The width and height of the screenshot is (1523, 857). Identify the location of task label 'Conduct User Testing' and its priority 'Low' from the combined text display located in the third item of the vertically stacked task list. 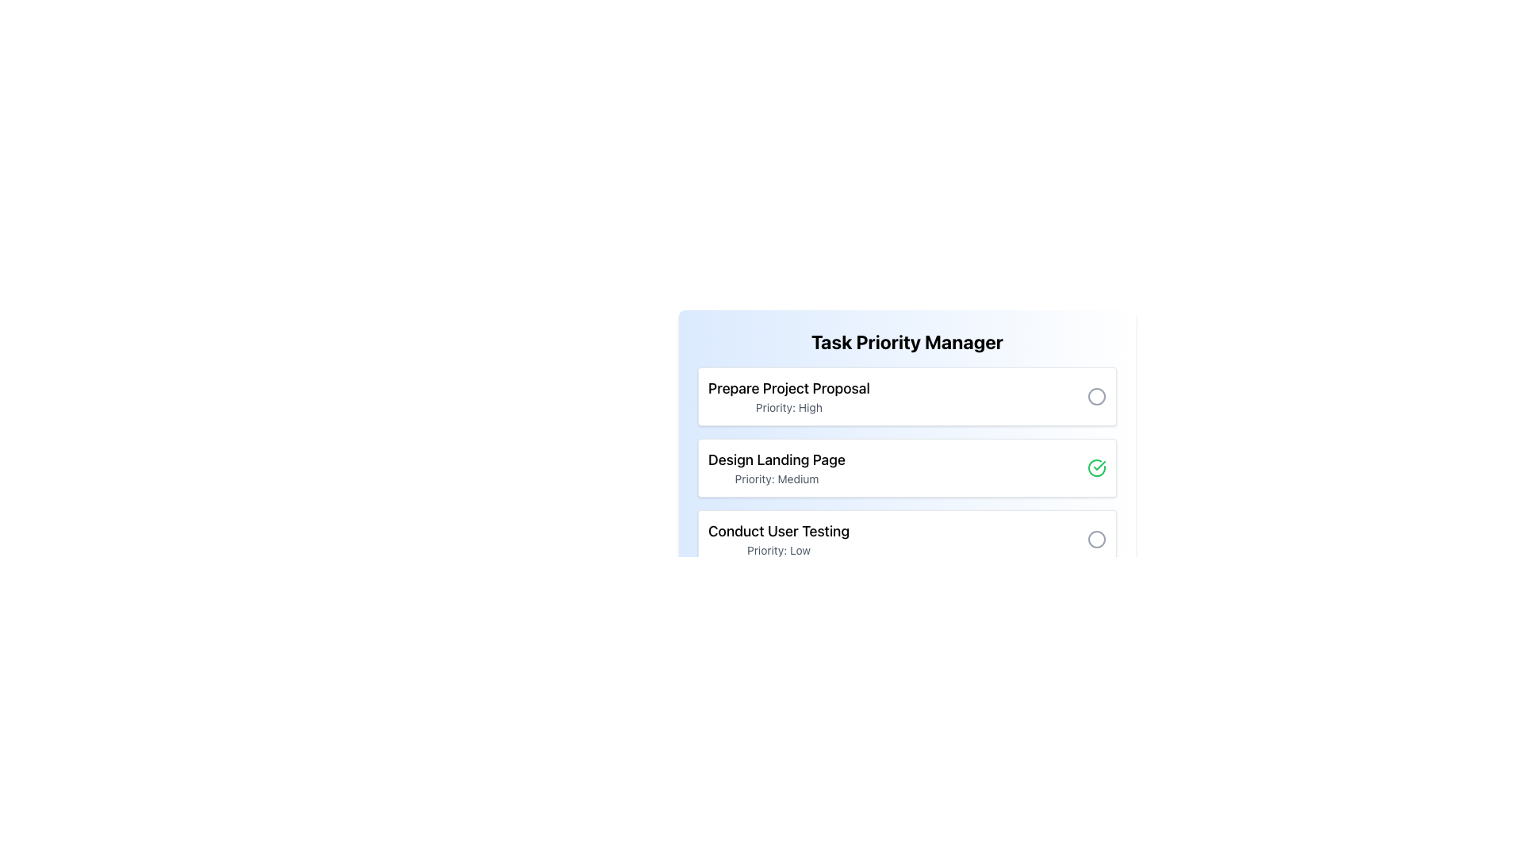
(779, 538).